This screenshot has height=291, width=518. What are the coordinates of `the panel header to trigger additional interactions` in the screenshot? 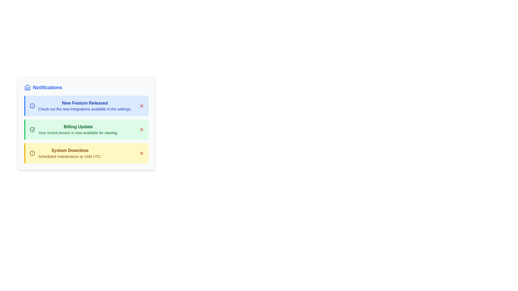 It's located at (86, 87).